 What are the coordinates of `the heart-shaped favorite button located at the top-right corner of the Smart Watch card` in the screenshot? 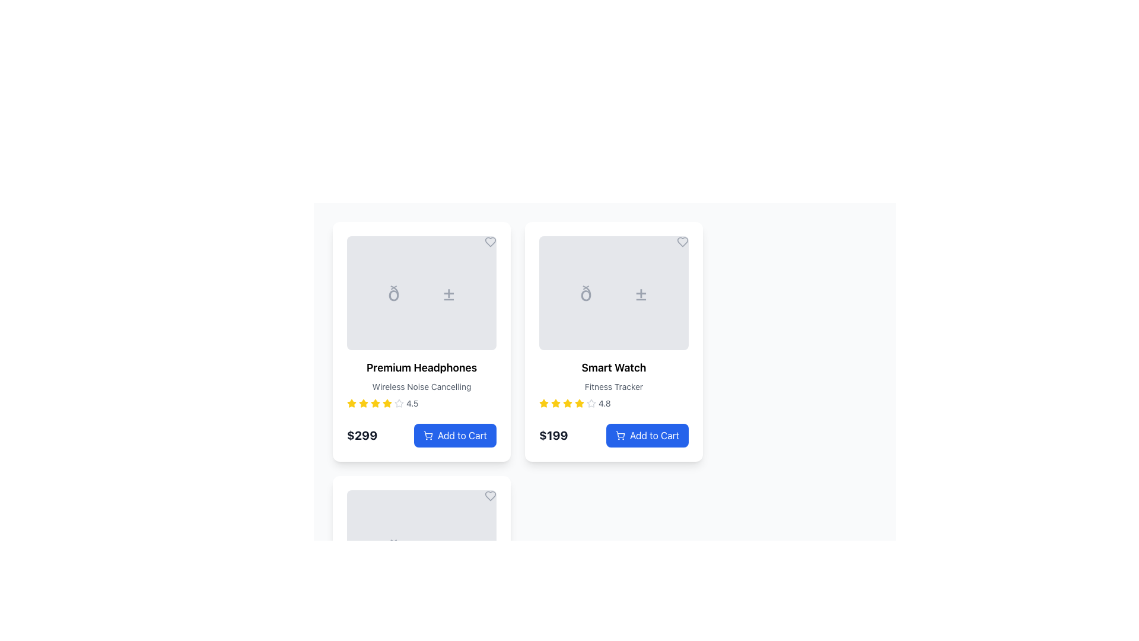 It's located at (683, 242).